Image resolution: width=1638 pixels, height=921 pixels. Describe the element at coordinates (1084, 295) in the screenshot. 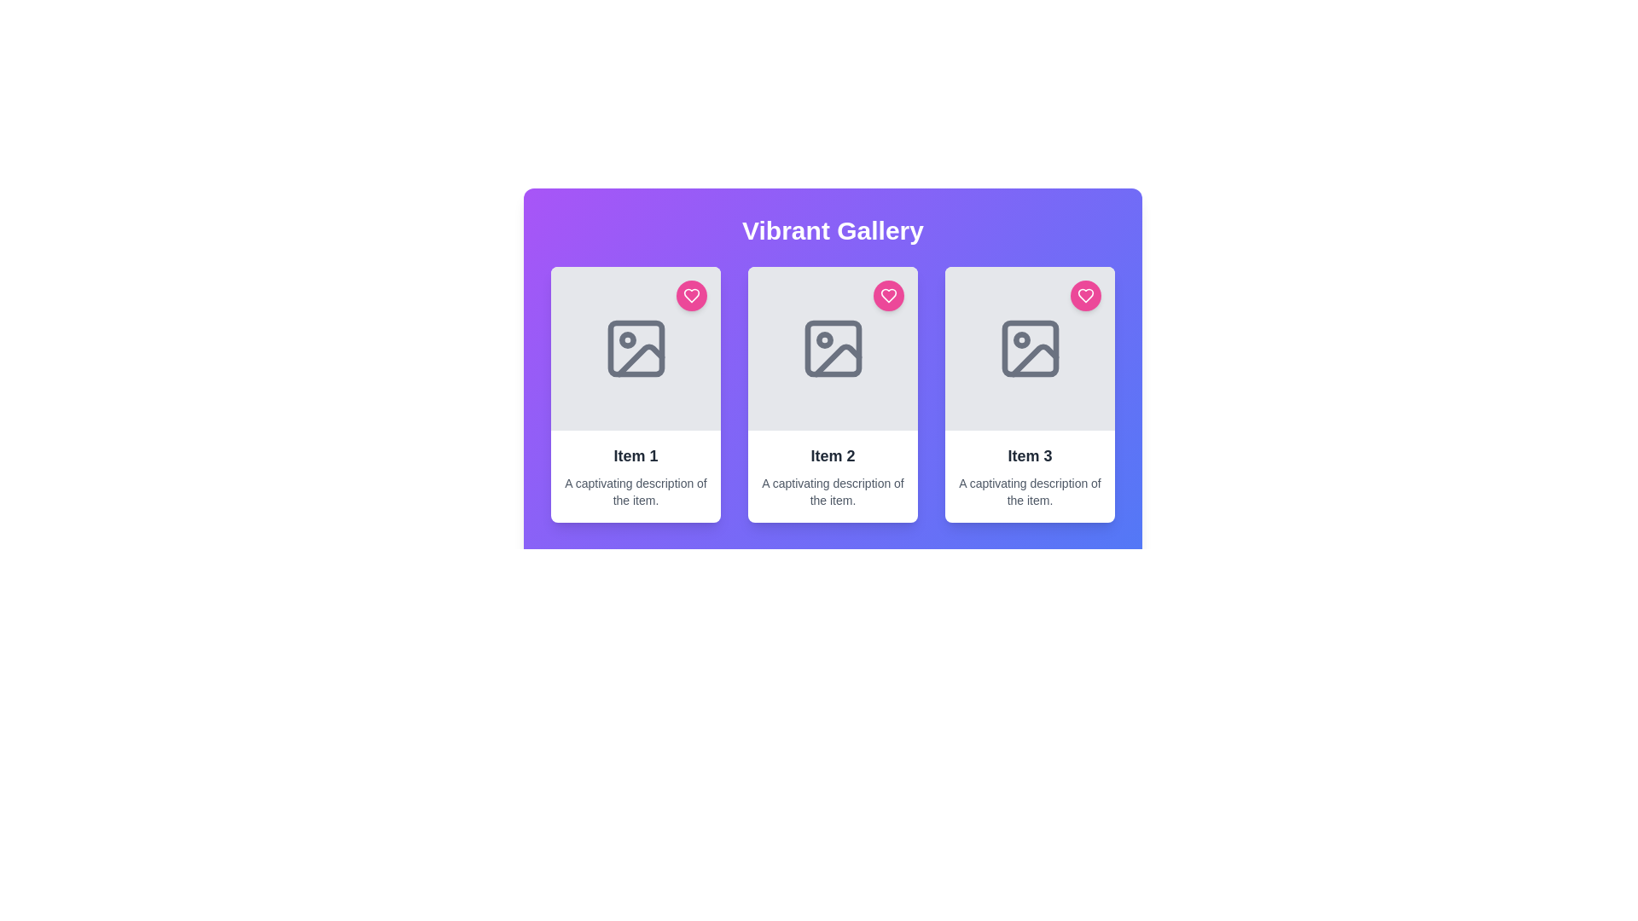

I see `the circular interactive button with a white heart icon located in the top-right corner of the 'Item 3' card for keyboard navigation` at that location.